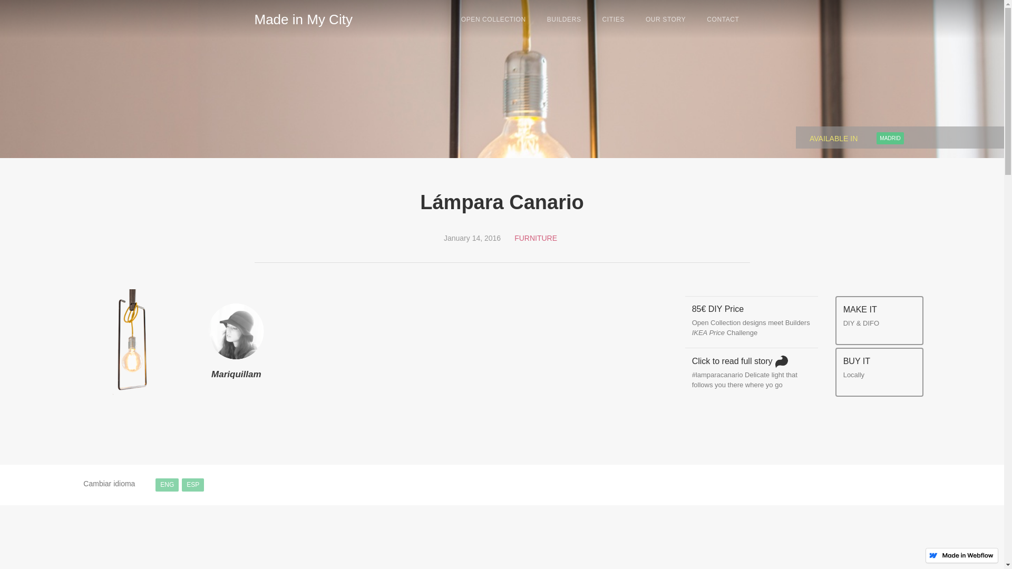 The width and height of the screenshot is (1012, 569). What do you see at coordinates (536, 238) in the screenshot?
I see `'FURNITURE'` at bounding box center [536, 238].